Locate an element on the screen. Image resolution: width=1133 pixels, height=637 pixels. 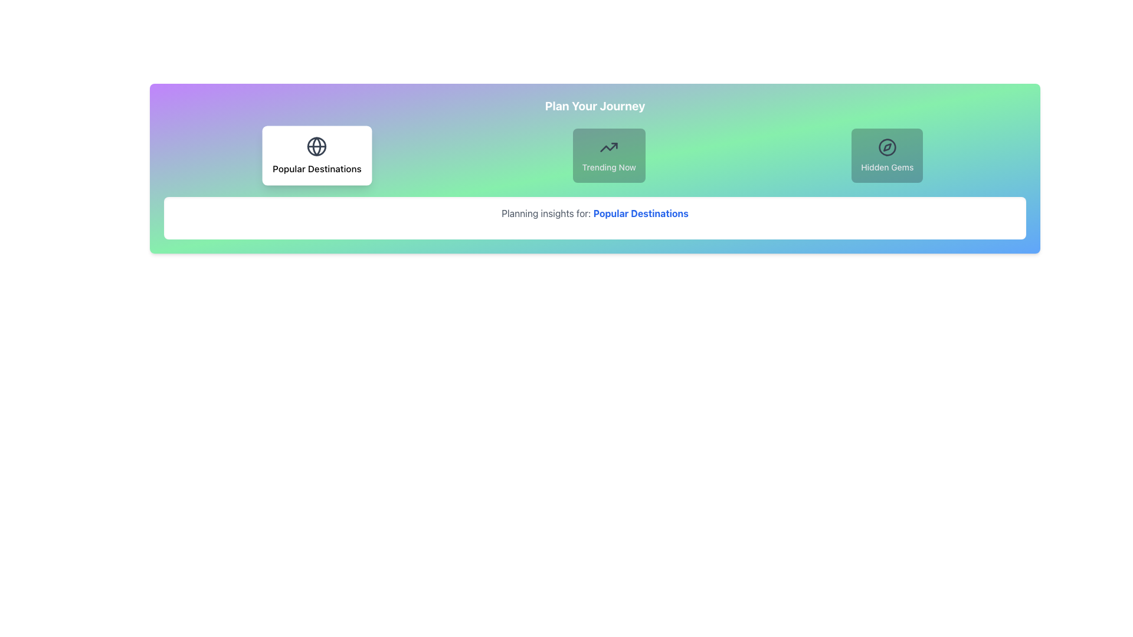
the icon representing trends or upward motion in the 'Trending Now' section, located centrally within the green rectangular section is located at coordinates (609, 147).